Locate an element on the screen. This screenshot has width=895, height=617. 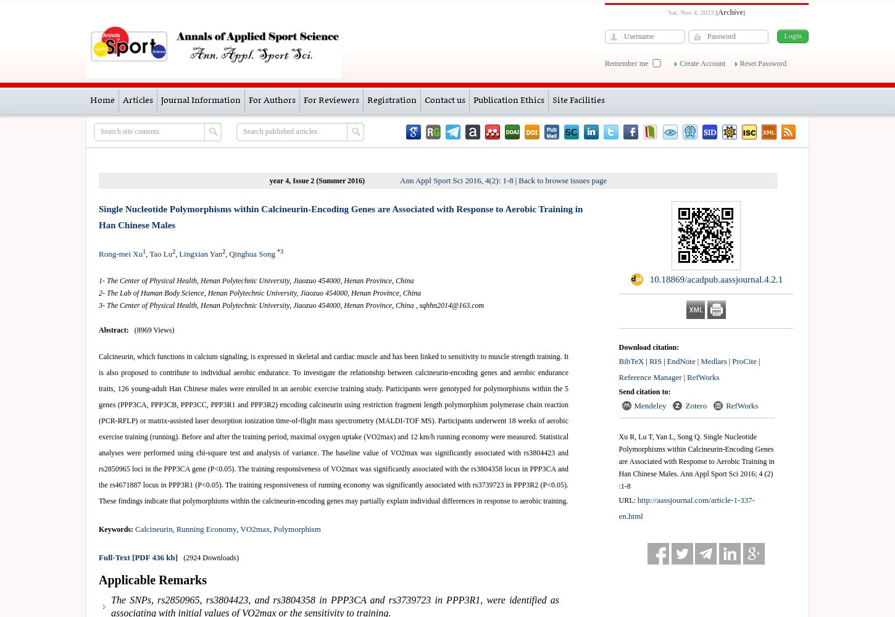
'Contact us' is located at coordinates (444, 101).